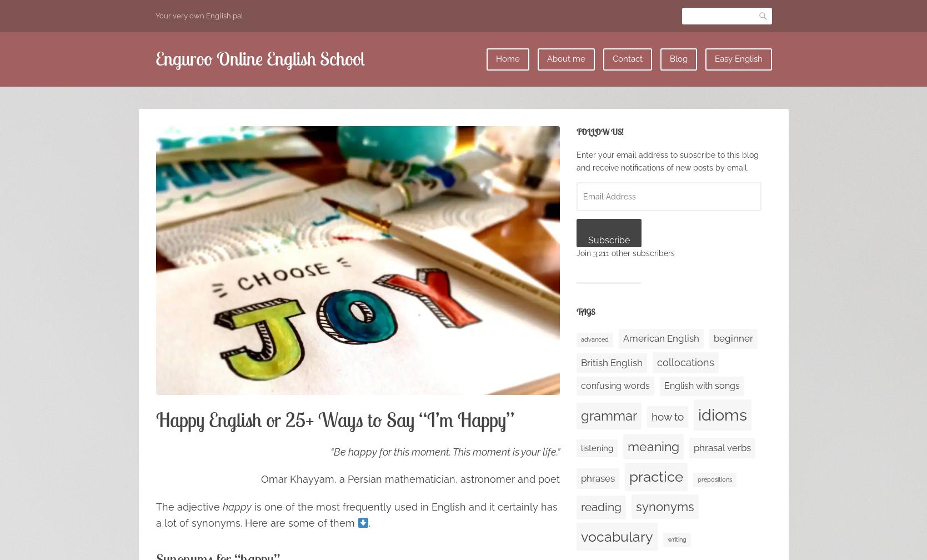 Image resolution: width=927 pixels, height=560 pixels. I want to click on 'idioms', so click(721, 414).